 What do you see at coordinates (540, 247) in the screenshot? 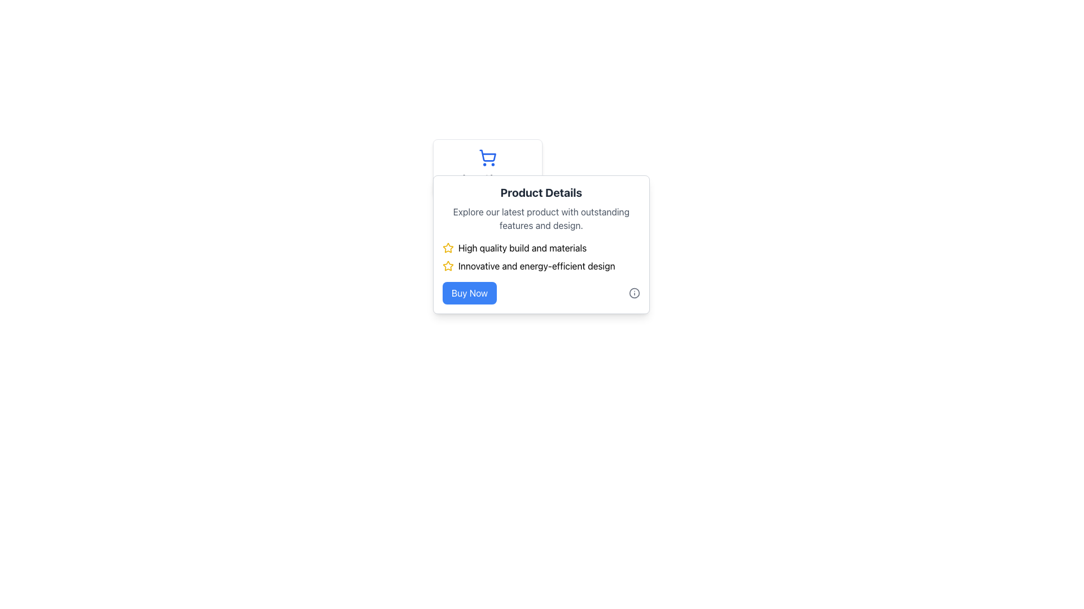
I see `the Text with Icon element that features a yellow star icon and the text 'High quality build and materials,' positioned in the Product Details section` at bounding box center [540, 247].